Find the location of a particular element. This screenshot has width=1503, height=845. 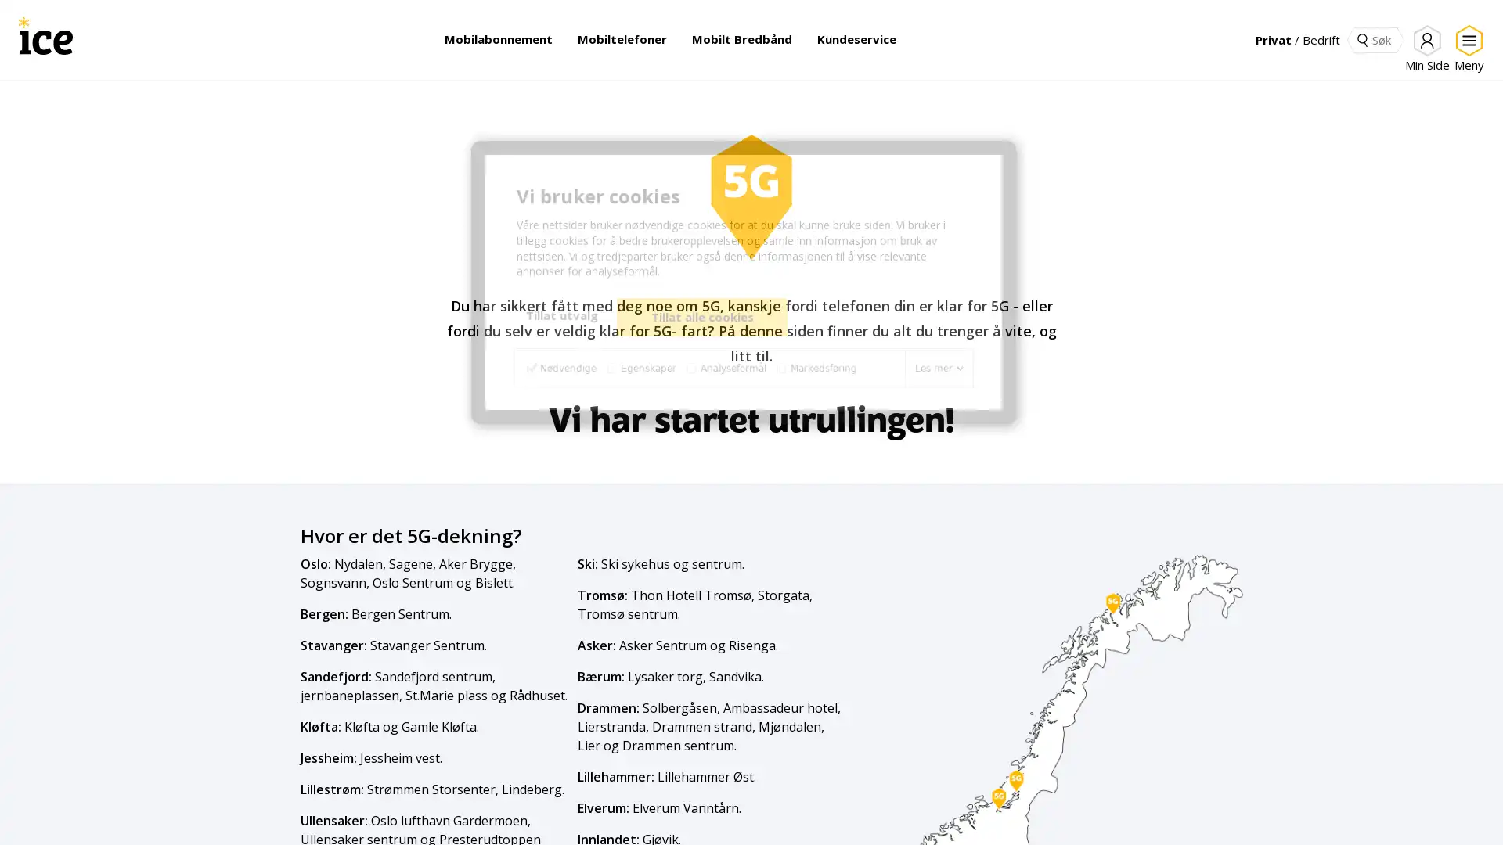

Meny is located at coordinates (1465, 48).